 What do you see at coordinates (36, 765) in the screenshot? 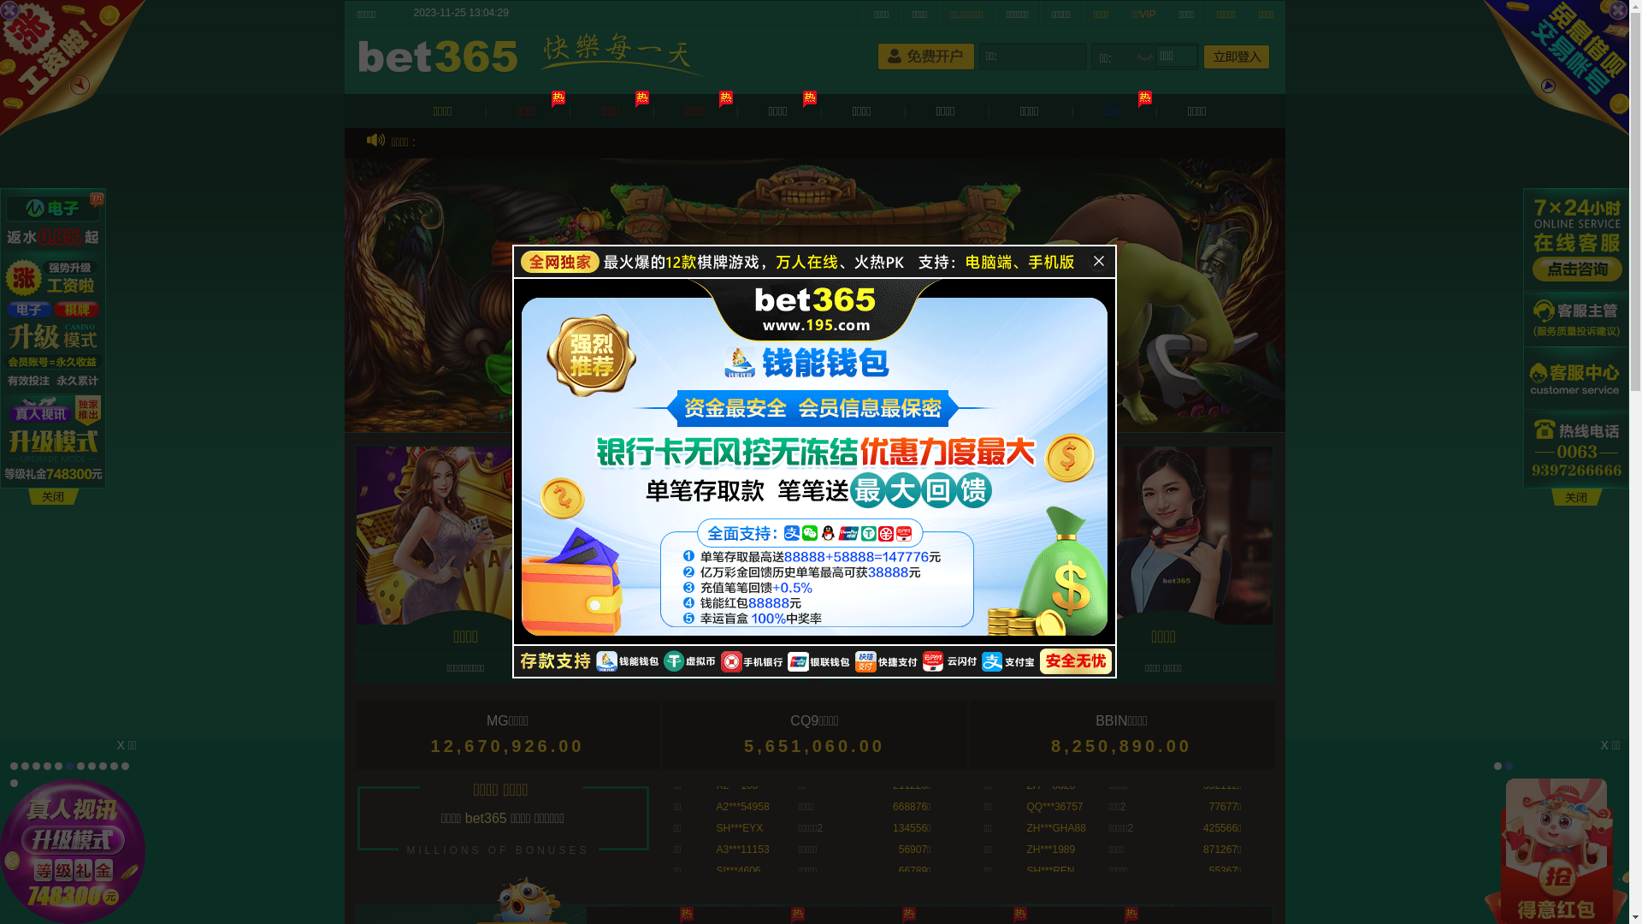
I see `'3'` at bounding box center [36, 765].